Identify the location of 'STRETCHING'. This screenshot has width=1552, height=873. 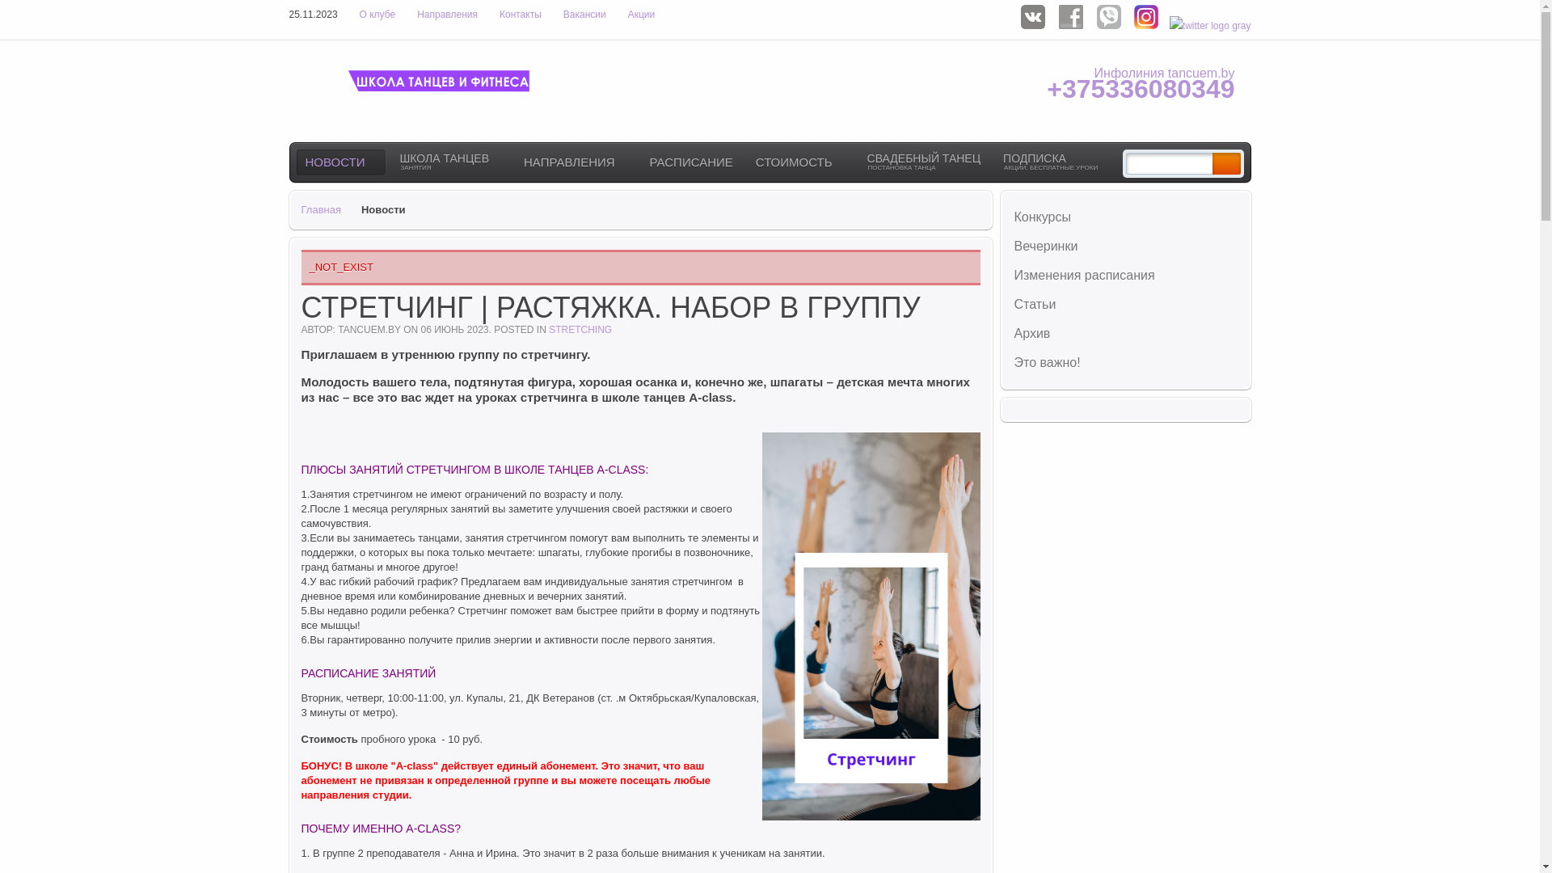
(548, 329).